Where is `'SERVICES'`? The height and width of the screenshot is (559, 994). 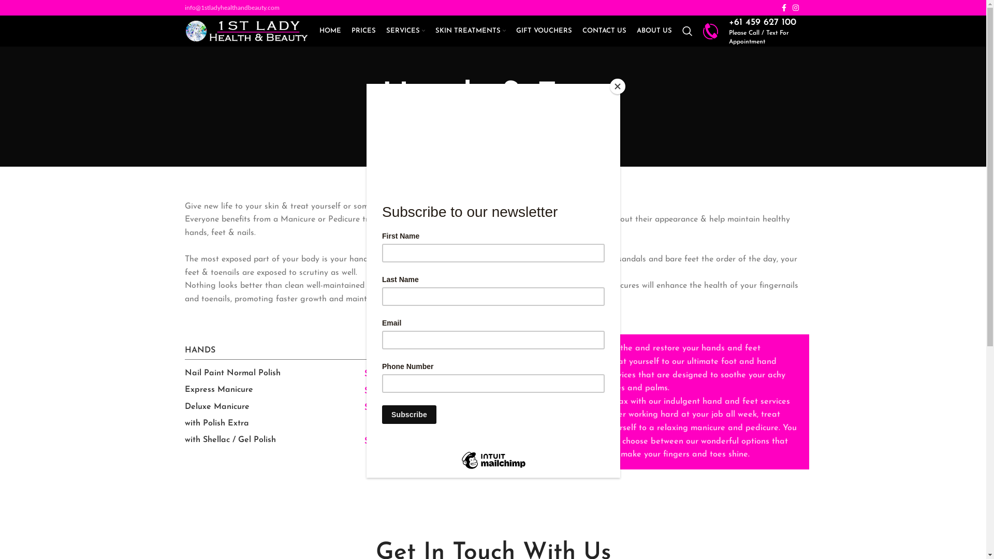 'SERVICES' is located at coordinates (405, 31).